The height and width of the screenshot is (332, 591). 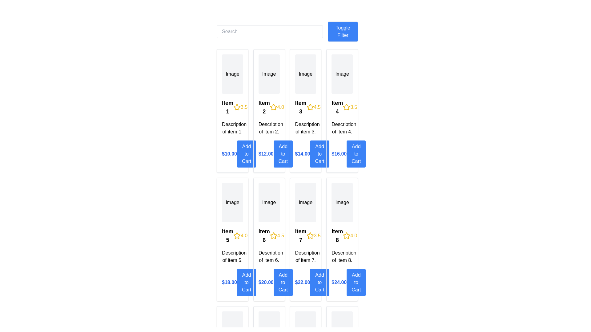 What do you see at coordinates (342, 235) in the screenshot?
I see `the rating indicator element that shows 'Item 8' with a score of '4.0' and a golden star icon` at bounding box center [342, 235].